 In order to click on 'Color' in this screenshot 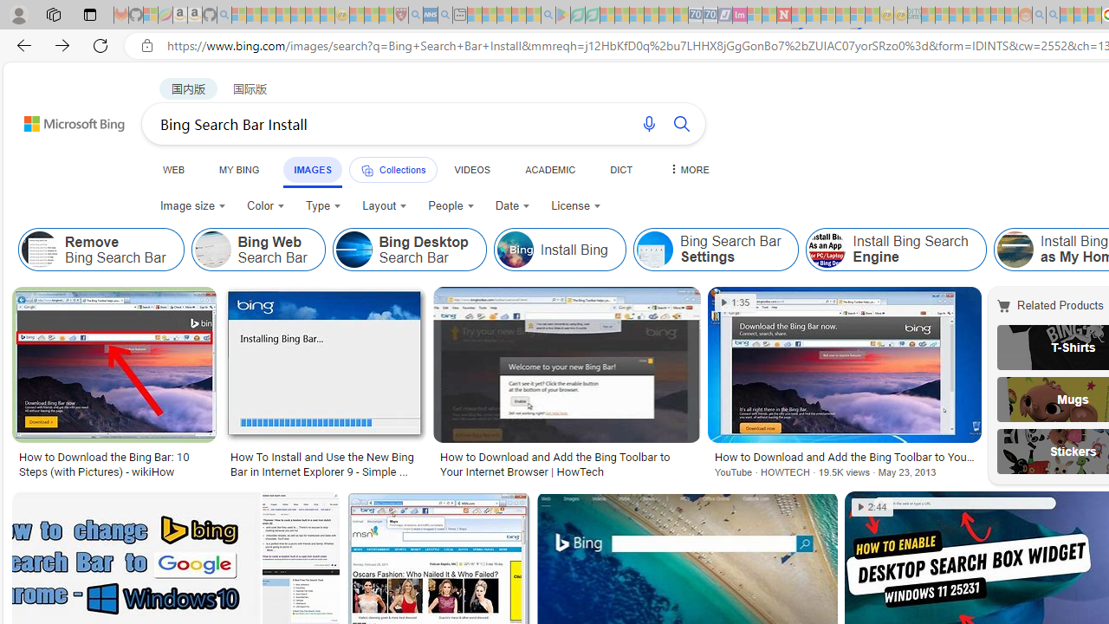, I will do `click(263, 205)`.